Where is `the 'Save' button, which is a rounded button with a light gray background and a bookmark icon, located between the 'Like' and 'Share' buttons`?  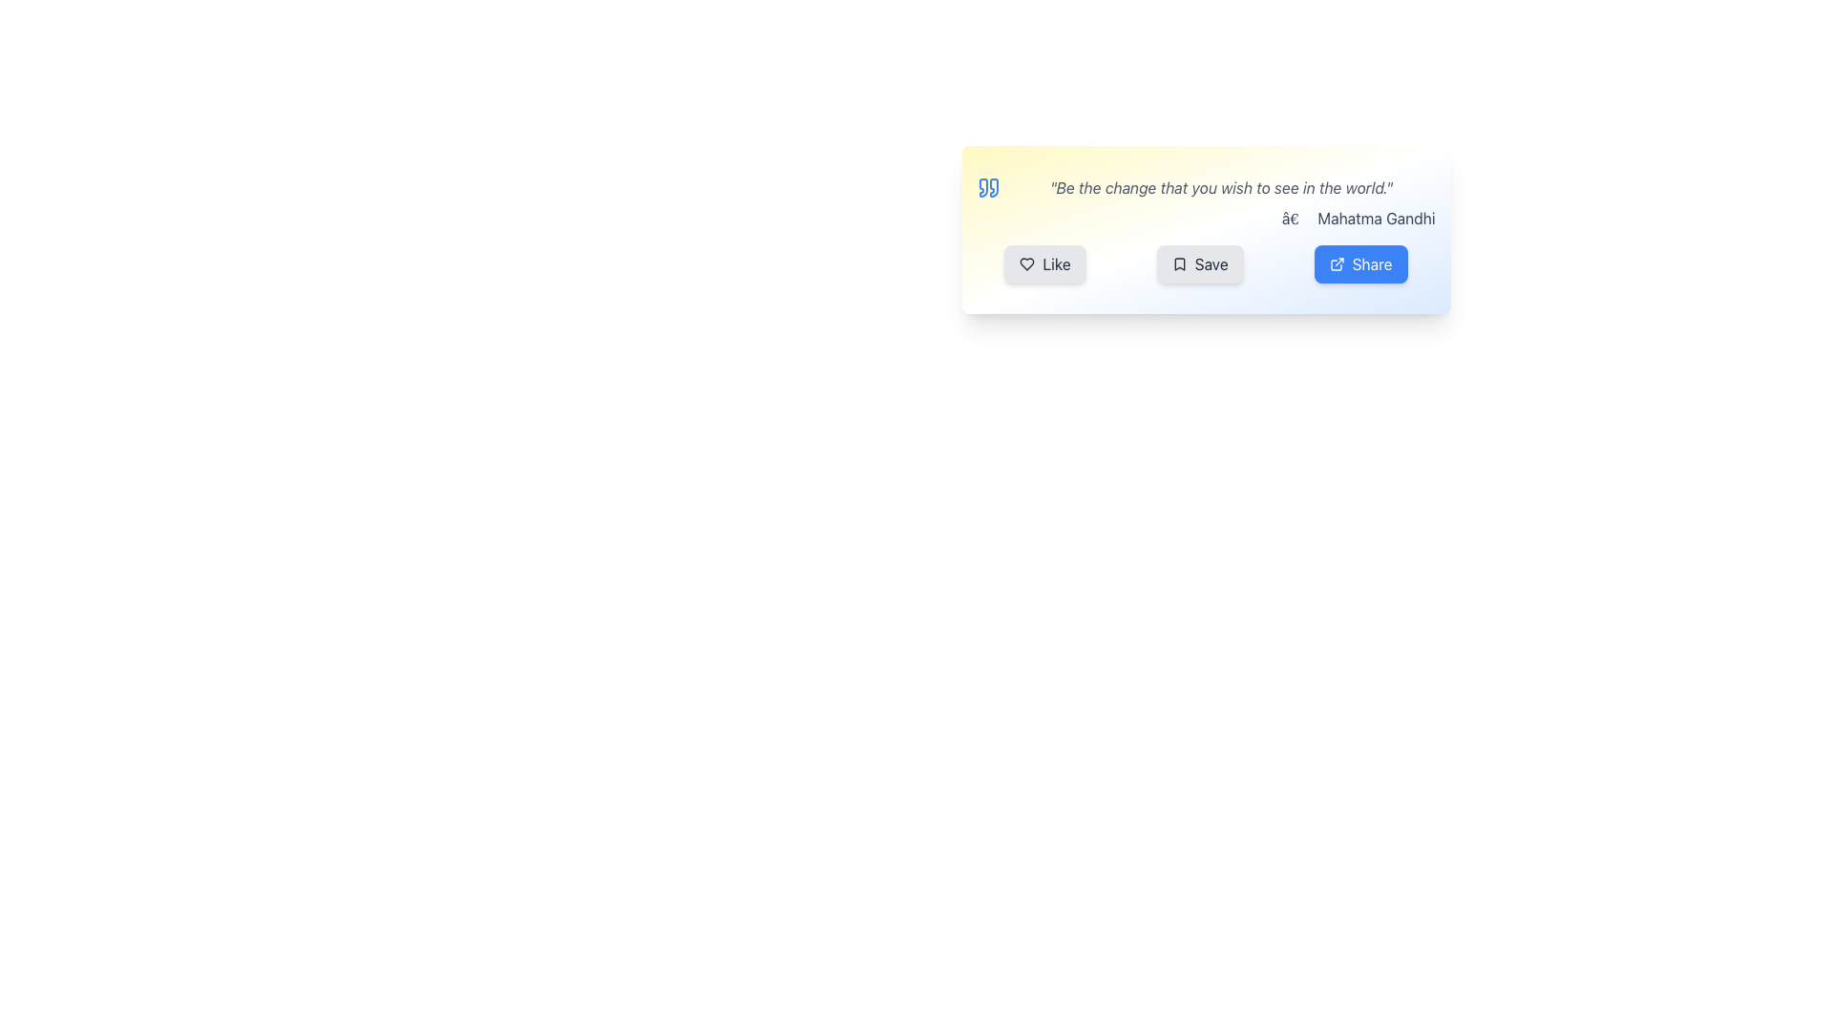
the 'Save' button, which is a rounded button with a light gray background and a bookmark icon, located between the 'Like' and 'Share' buttons is located at coordinates (1199, 264).